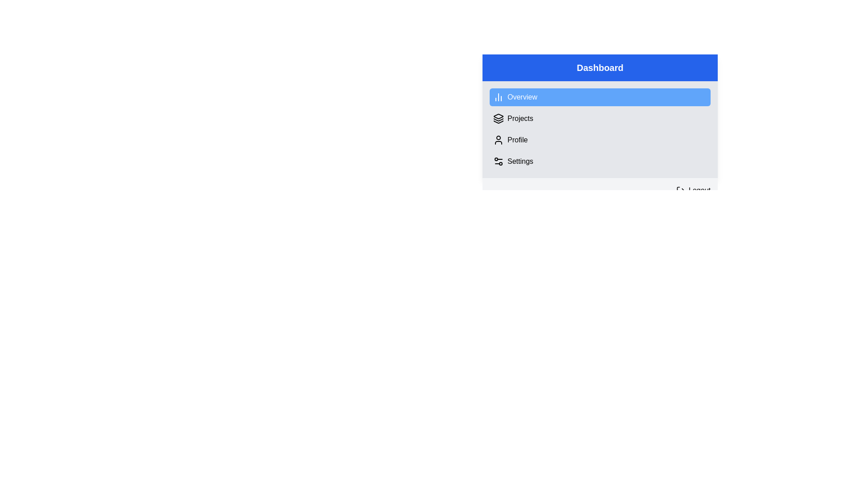  Describe the element at coordinates (520, 118) in the screenshot. I see `the second Text Label in the left-side menu, which is positioned below the 'Overview' item and above the 'Profile' and 'Settings' items` at that location.